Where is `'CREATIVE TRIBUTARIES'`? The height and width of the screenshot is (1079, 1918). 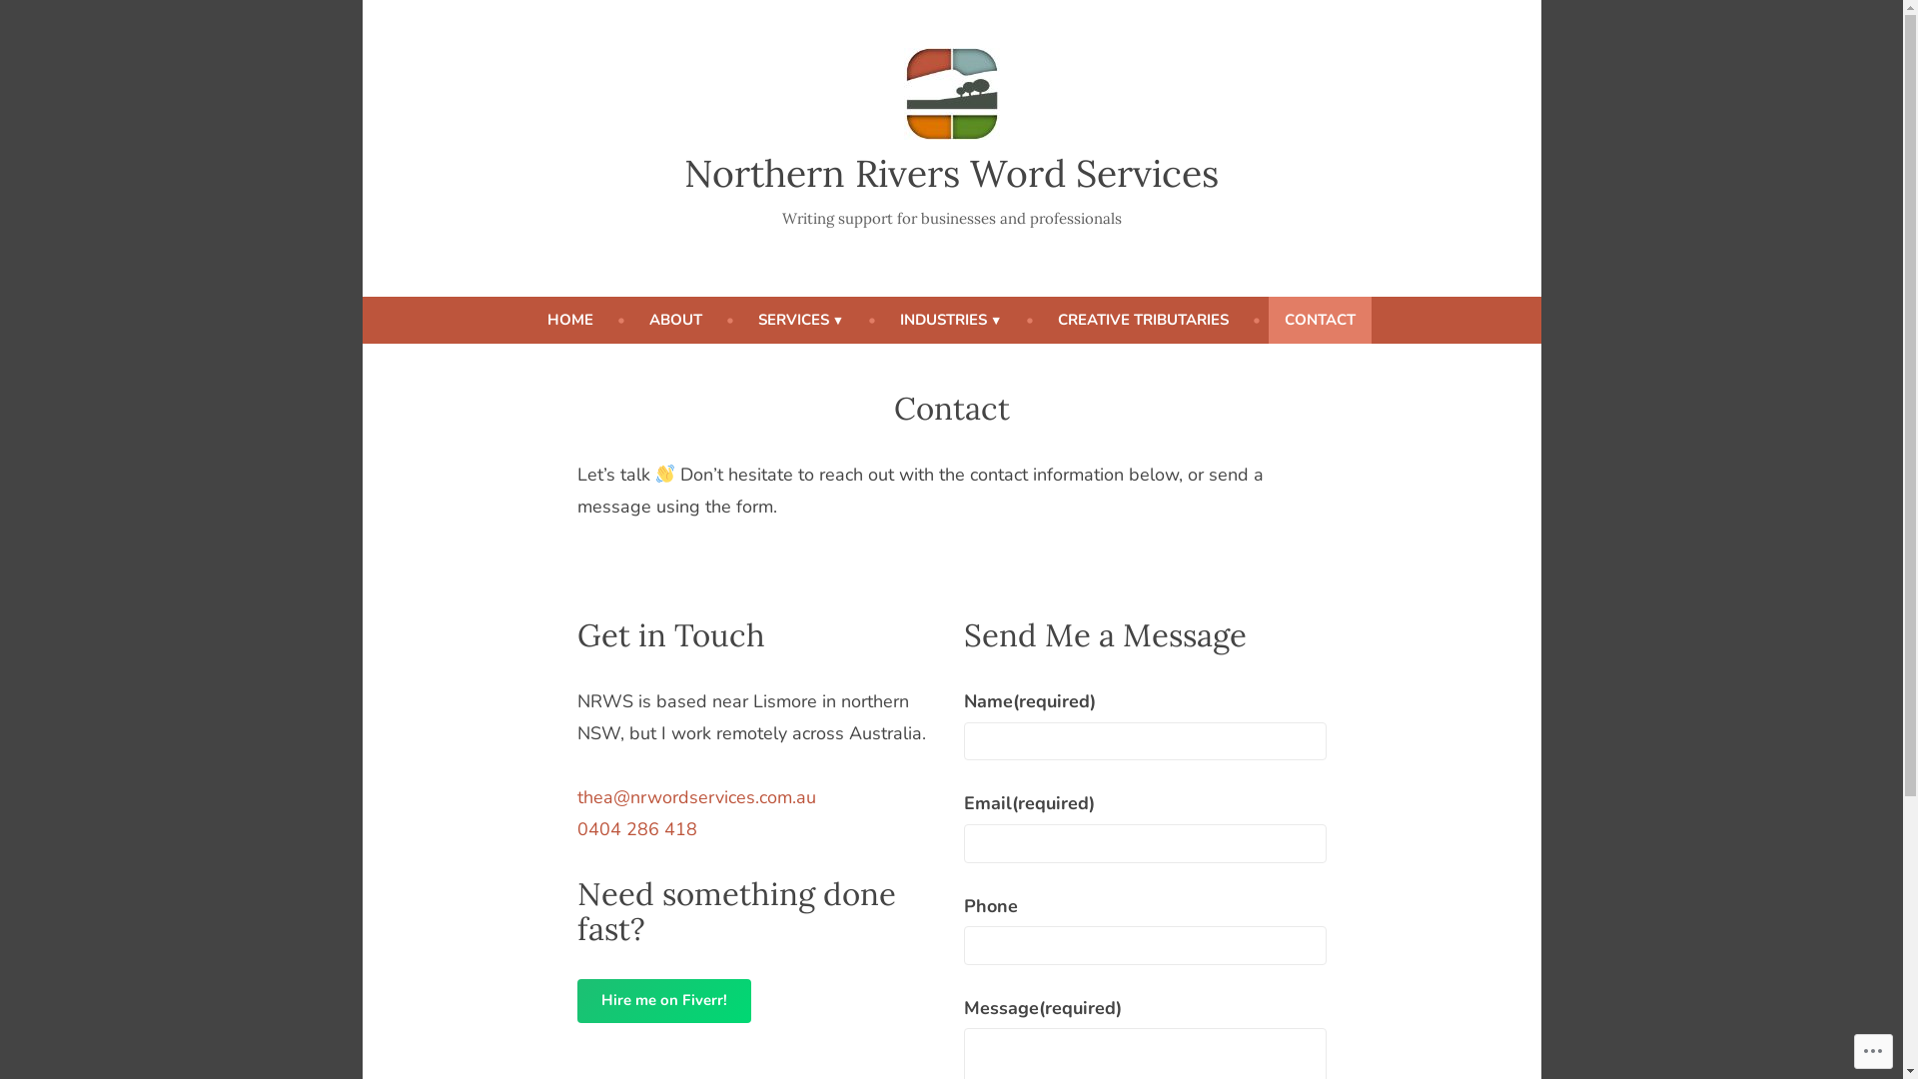
'CREATIVE TRIBUTARIES' is located at coordinates (1143, 319).